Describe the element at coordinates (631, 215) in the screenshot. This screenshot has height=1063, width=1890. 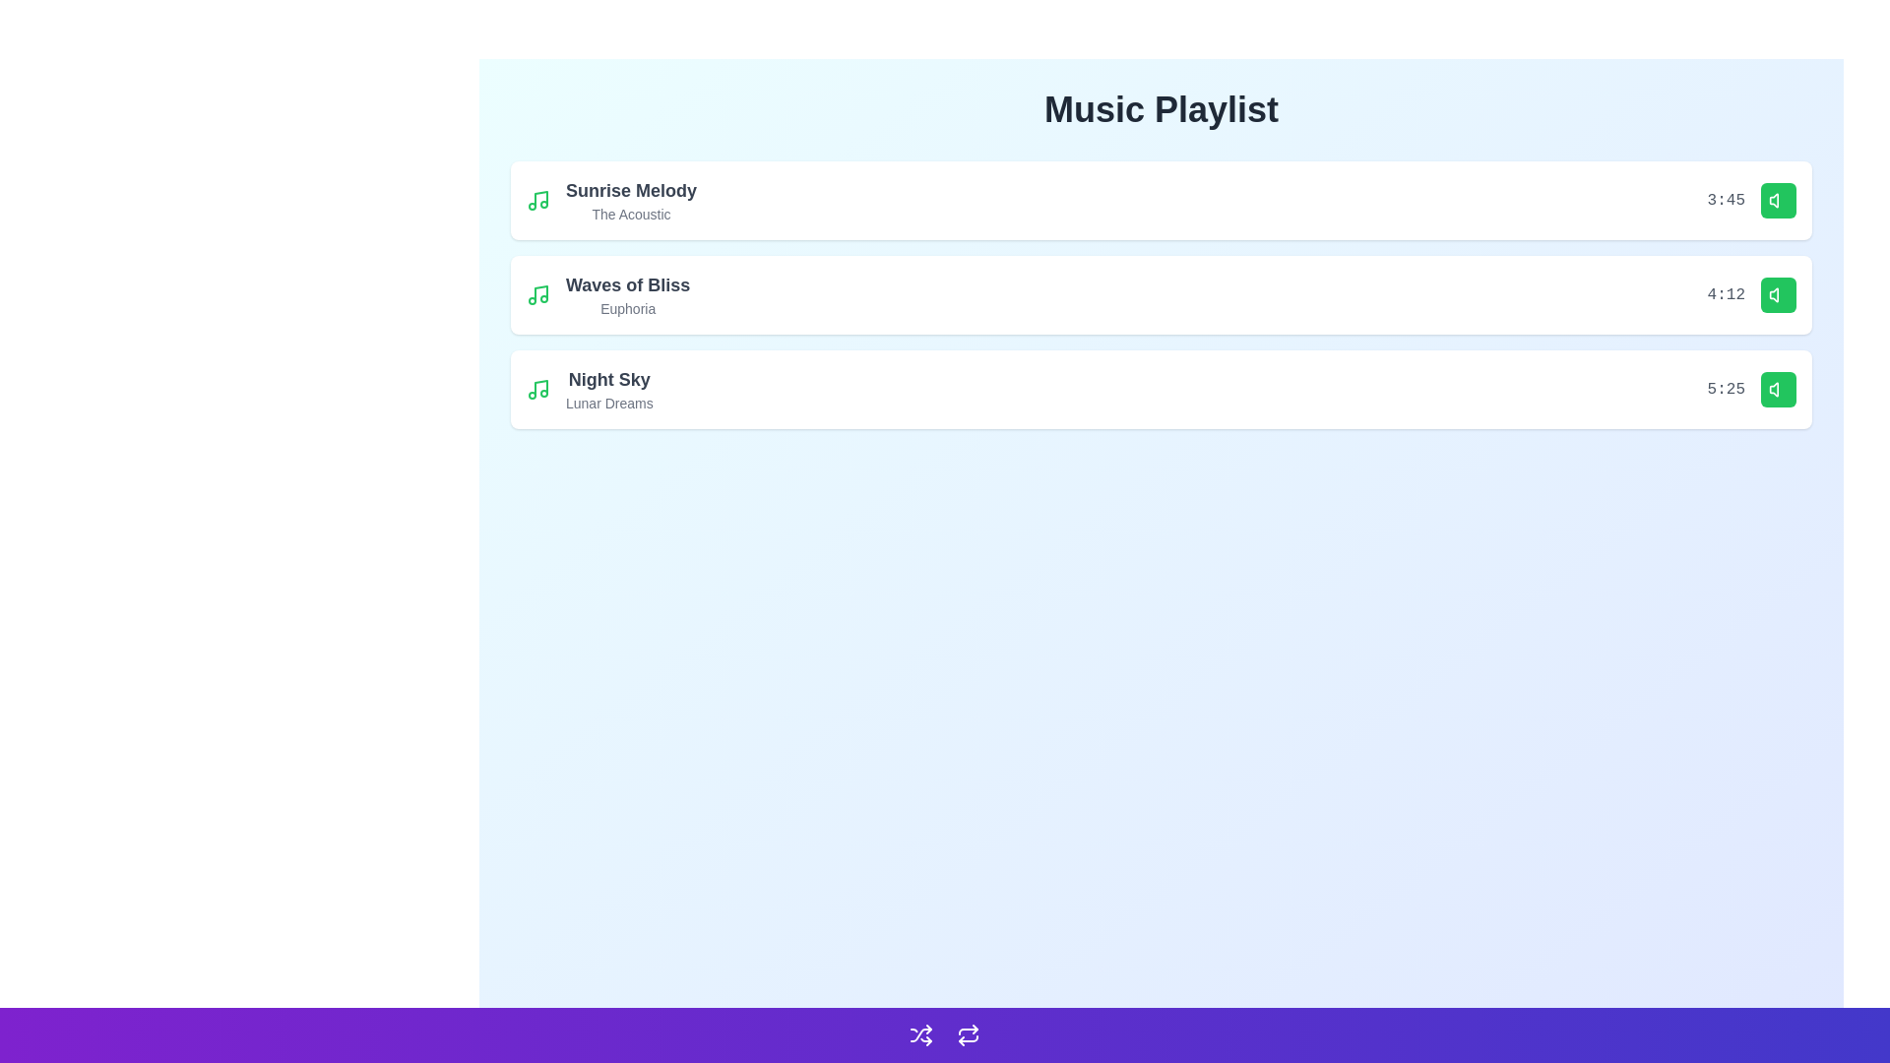
I see `the text label 'The Acoustic', which is styled in small gray font and located beneath the heading 'Sunrise Melody' in the 'Music Playlist' section` at that location.